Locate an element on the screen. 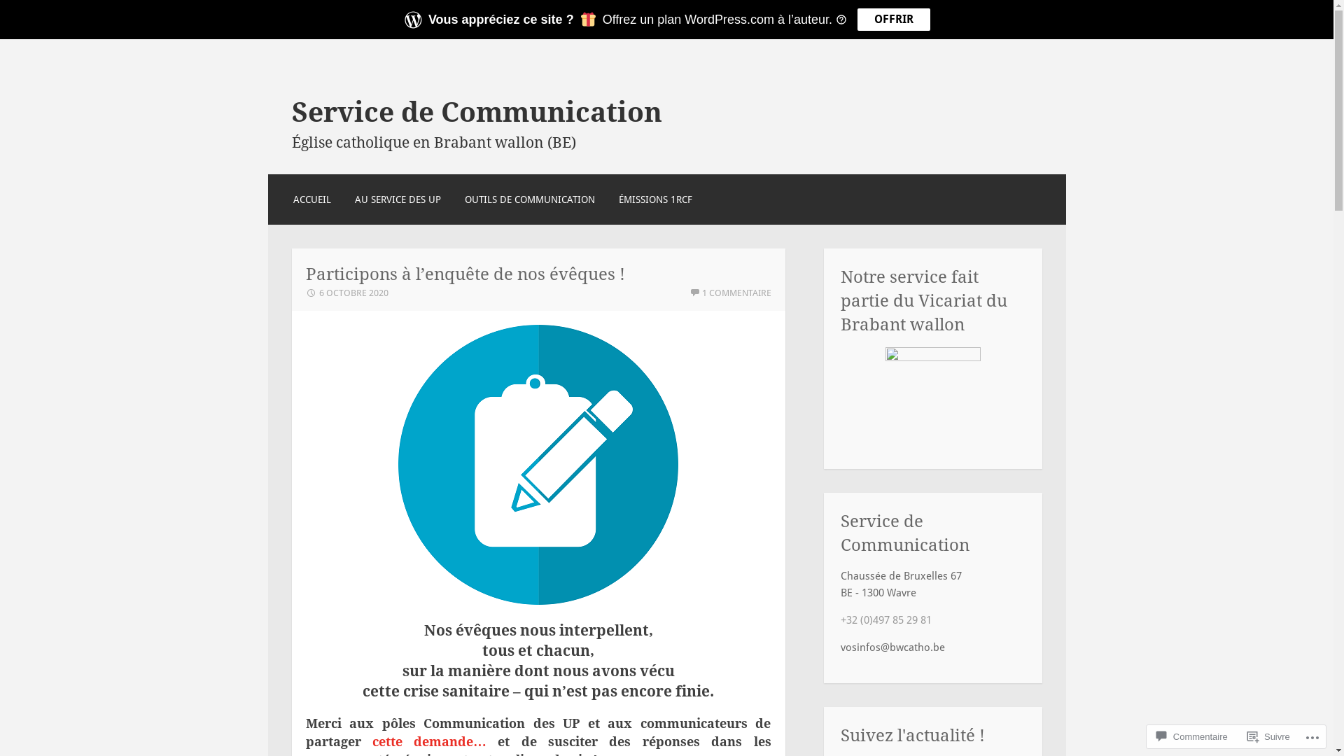  'Commentaire' is located at coordinates (1191, 736).